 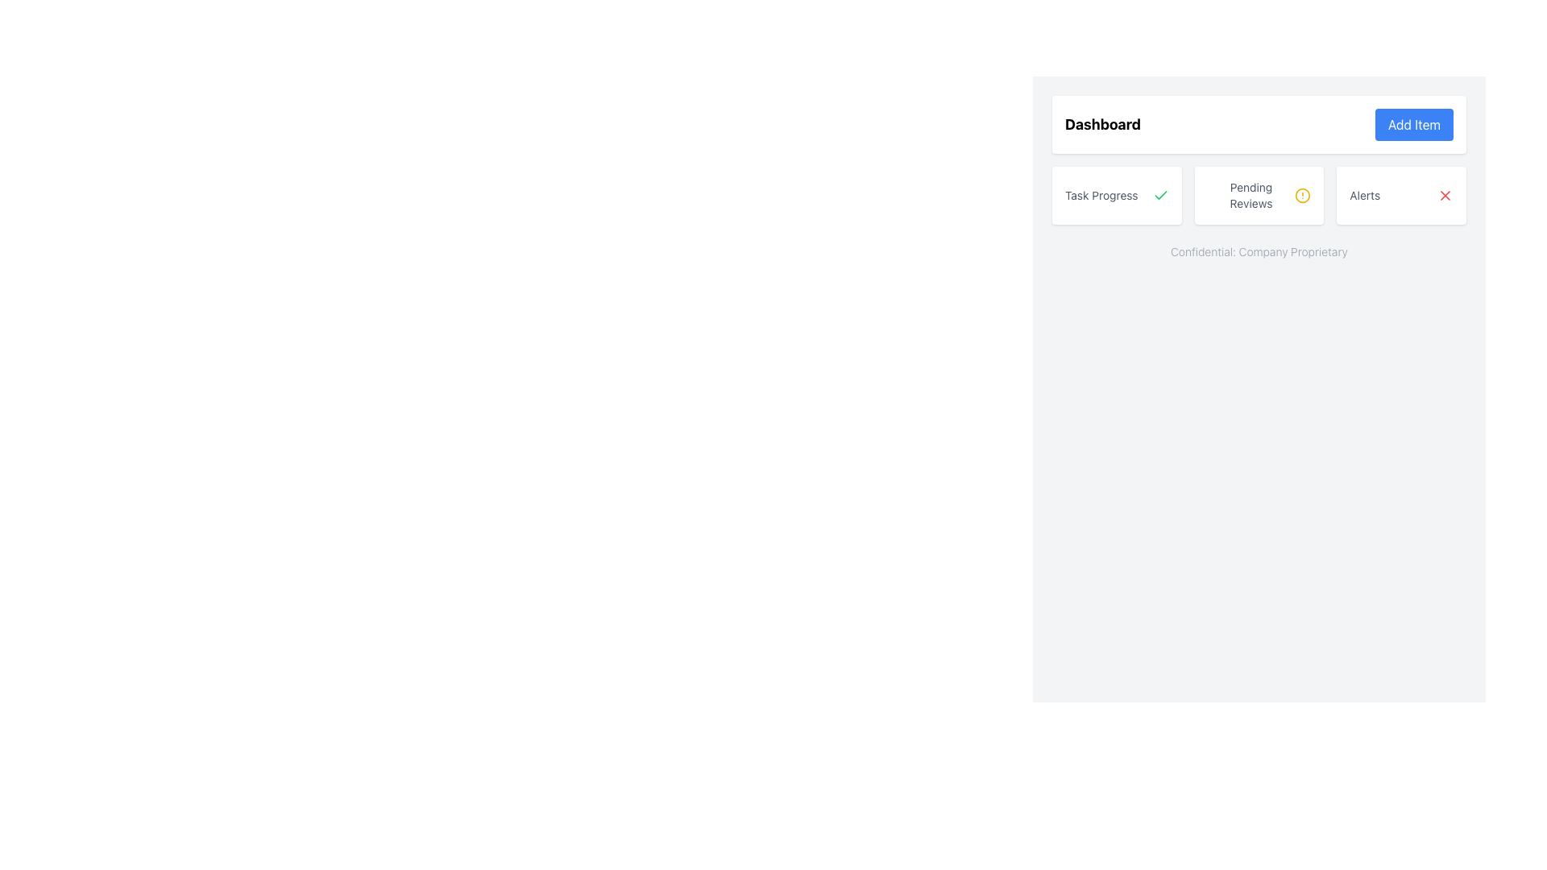 What do you see at coordinates (1303, 195) in the screenshot?
I see `the warning icon located to the right of the 'Pending Reviews' text, which indicates notifications related to pending reviews` at bounding box center [1303, 195].